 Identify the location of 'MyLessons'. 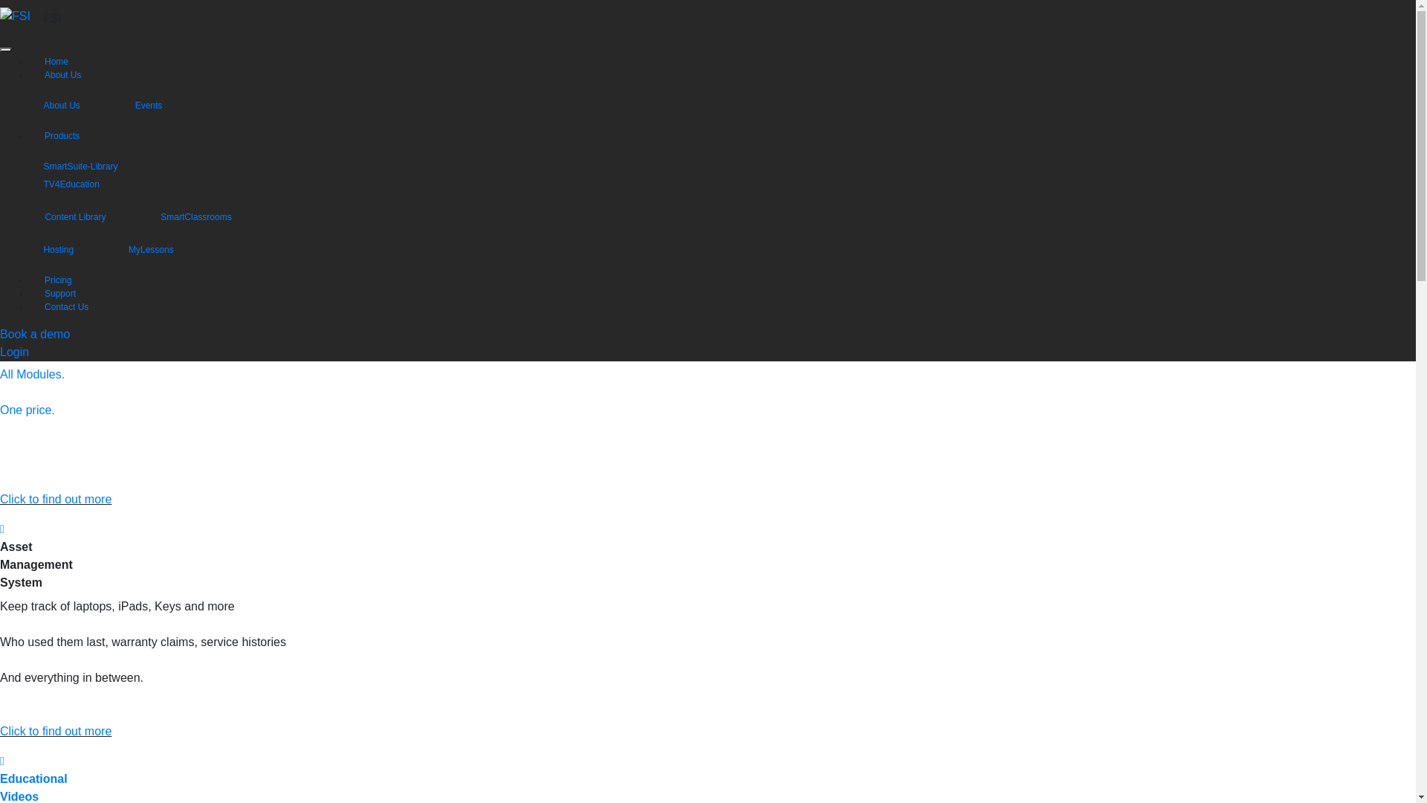
(165, 248).